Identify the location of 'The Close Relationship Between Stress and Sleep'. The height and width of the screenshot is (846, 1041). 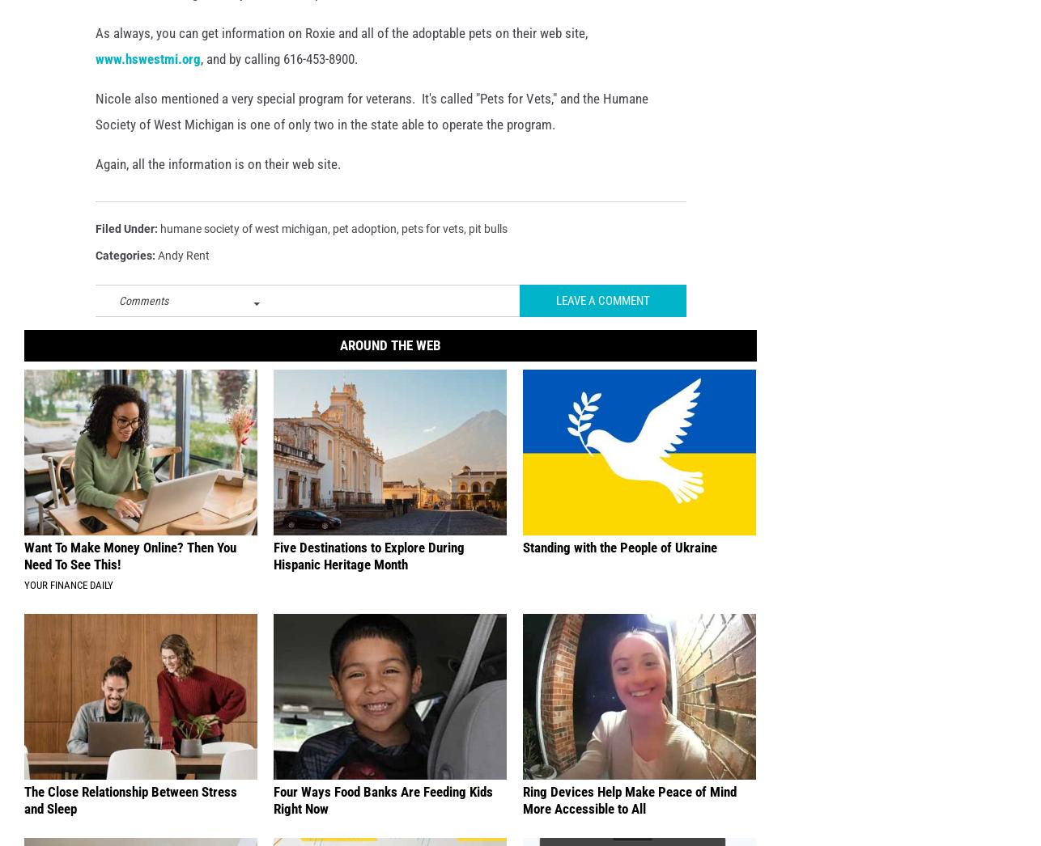
(130, 825).